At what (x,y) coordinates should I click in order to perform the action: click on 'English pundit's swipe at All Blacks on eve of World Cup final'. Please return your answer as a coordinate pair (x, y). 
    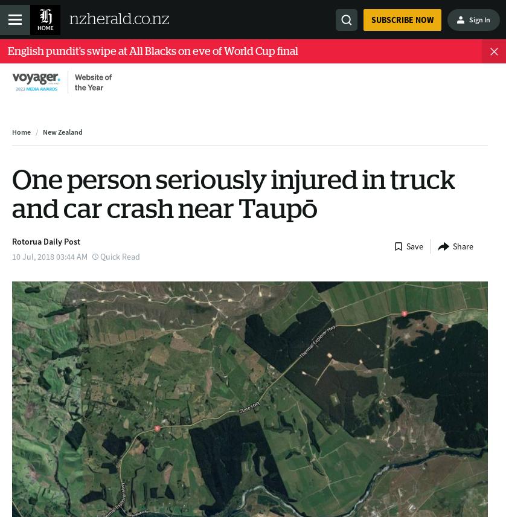
    Looking at the image, I should click on (152, 51).